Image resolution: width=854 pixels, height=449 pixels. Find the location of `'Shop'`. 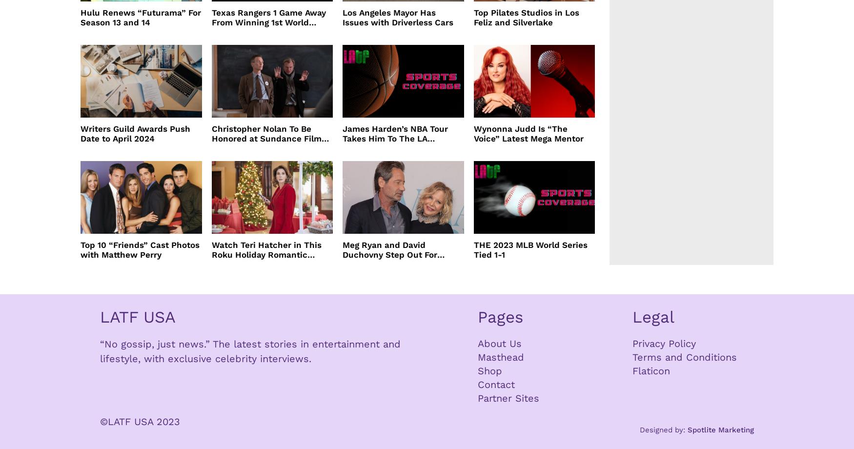

'Shop' is located at coordinates (477, 370).